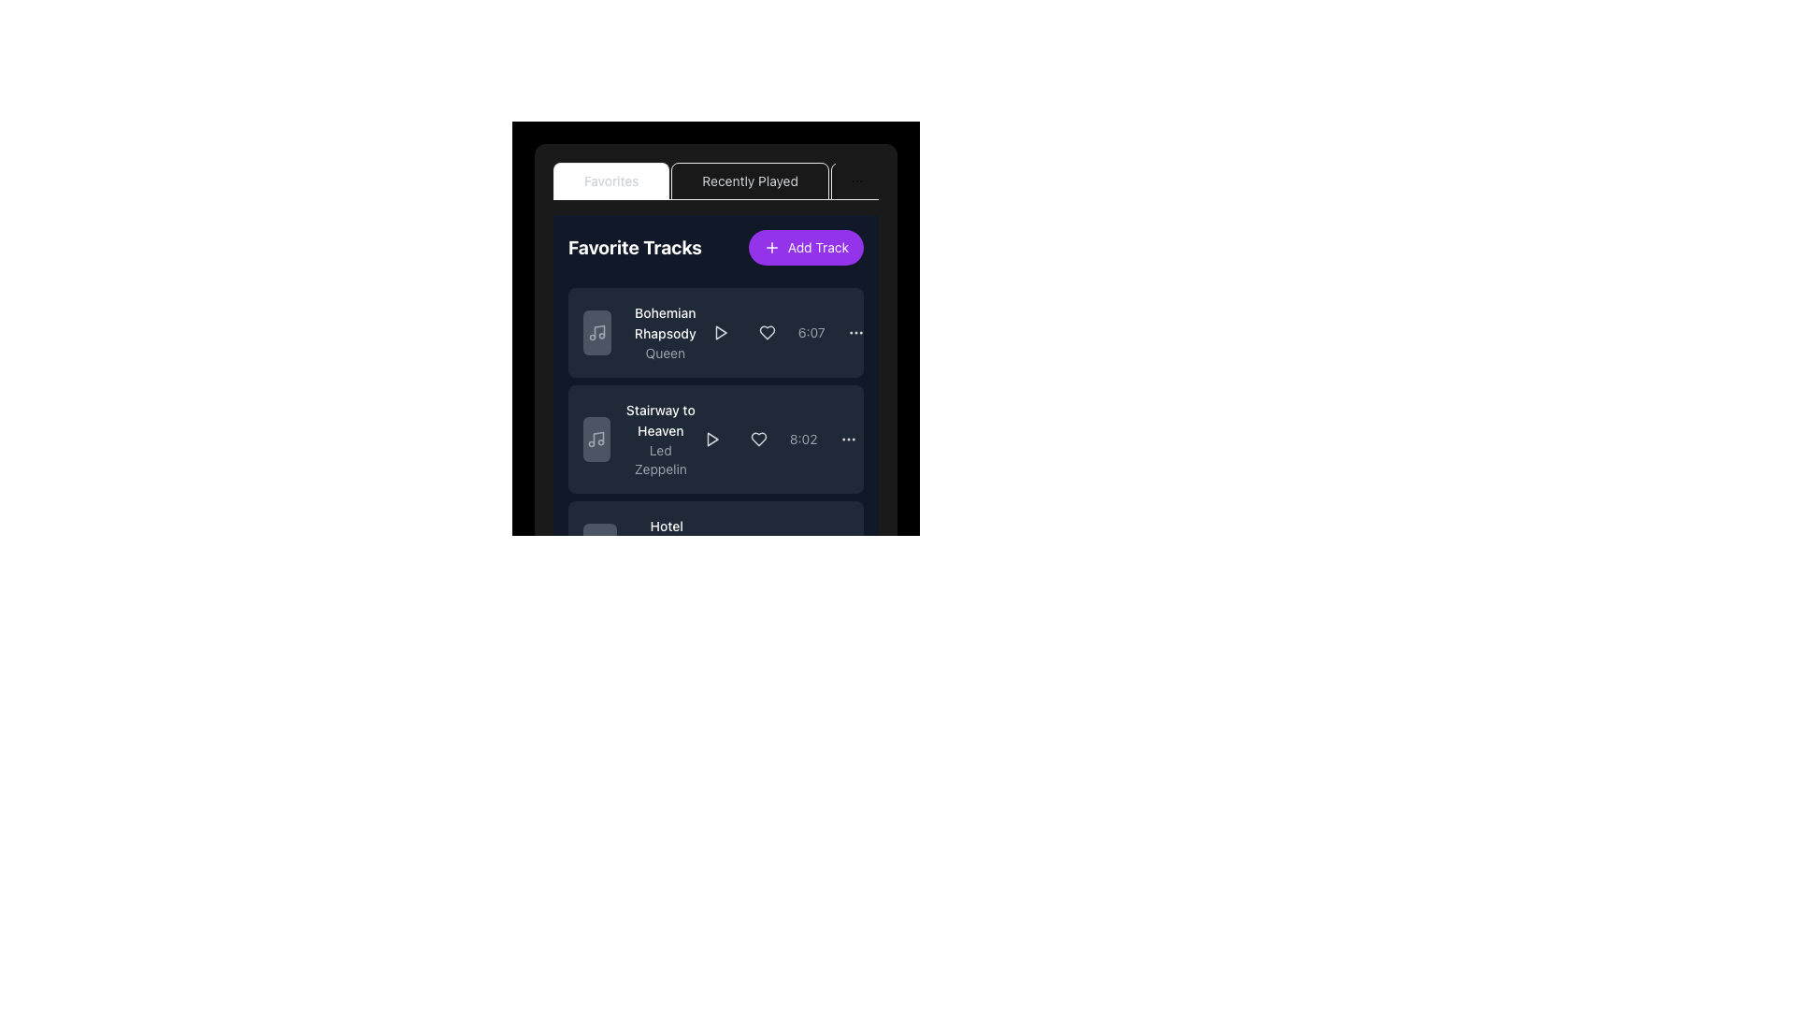 Image resolution: width=1795 pixels, height=1010 pixels. What do you see at coordinates (854, 331) in the screenshot?
I see `the button located at the rightmost part of the row displaying track details, next to the duration '6:07'` at bounding box center [854, 331].